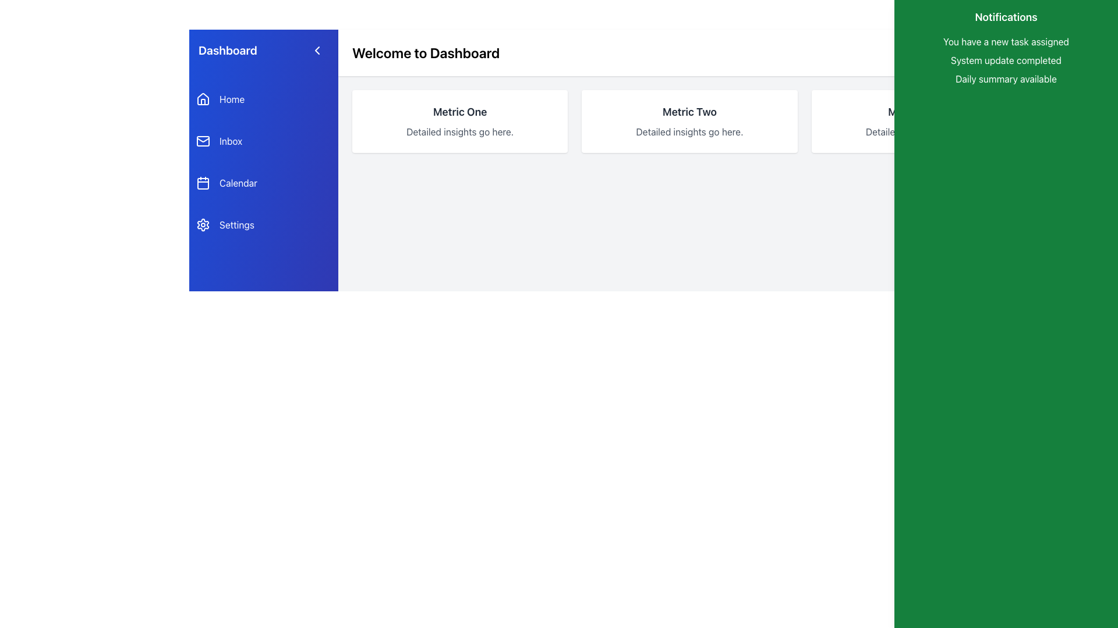 This screenshot has height=628, width=1118. I want to click on the 'Settings' button in the left sidebar menu, so click(263, 224).